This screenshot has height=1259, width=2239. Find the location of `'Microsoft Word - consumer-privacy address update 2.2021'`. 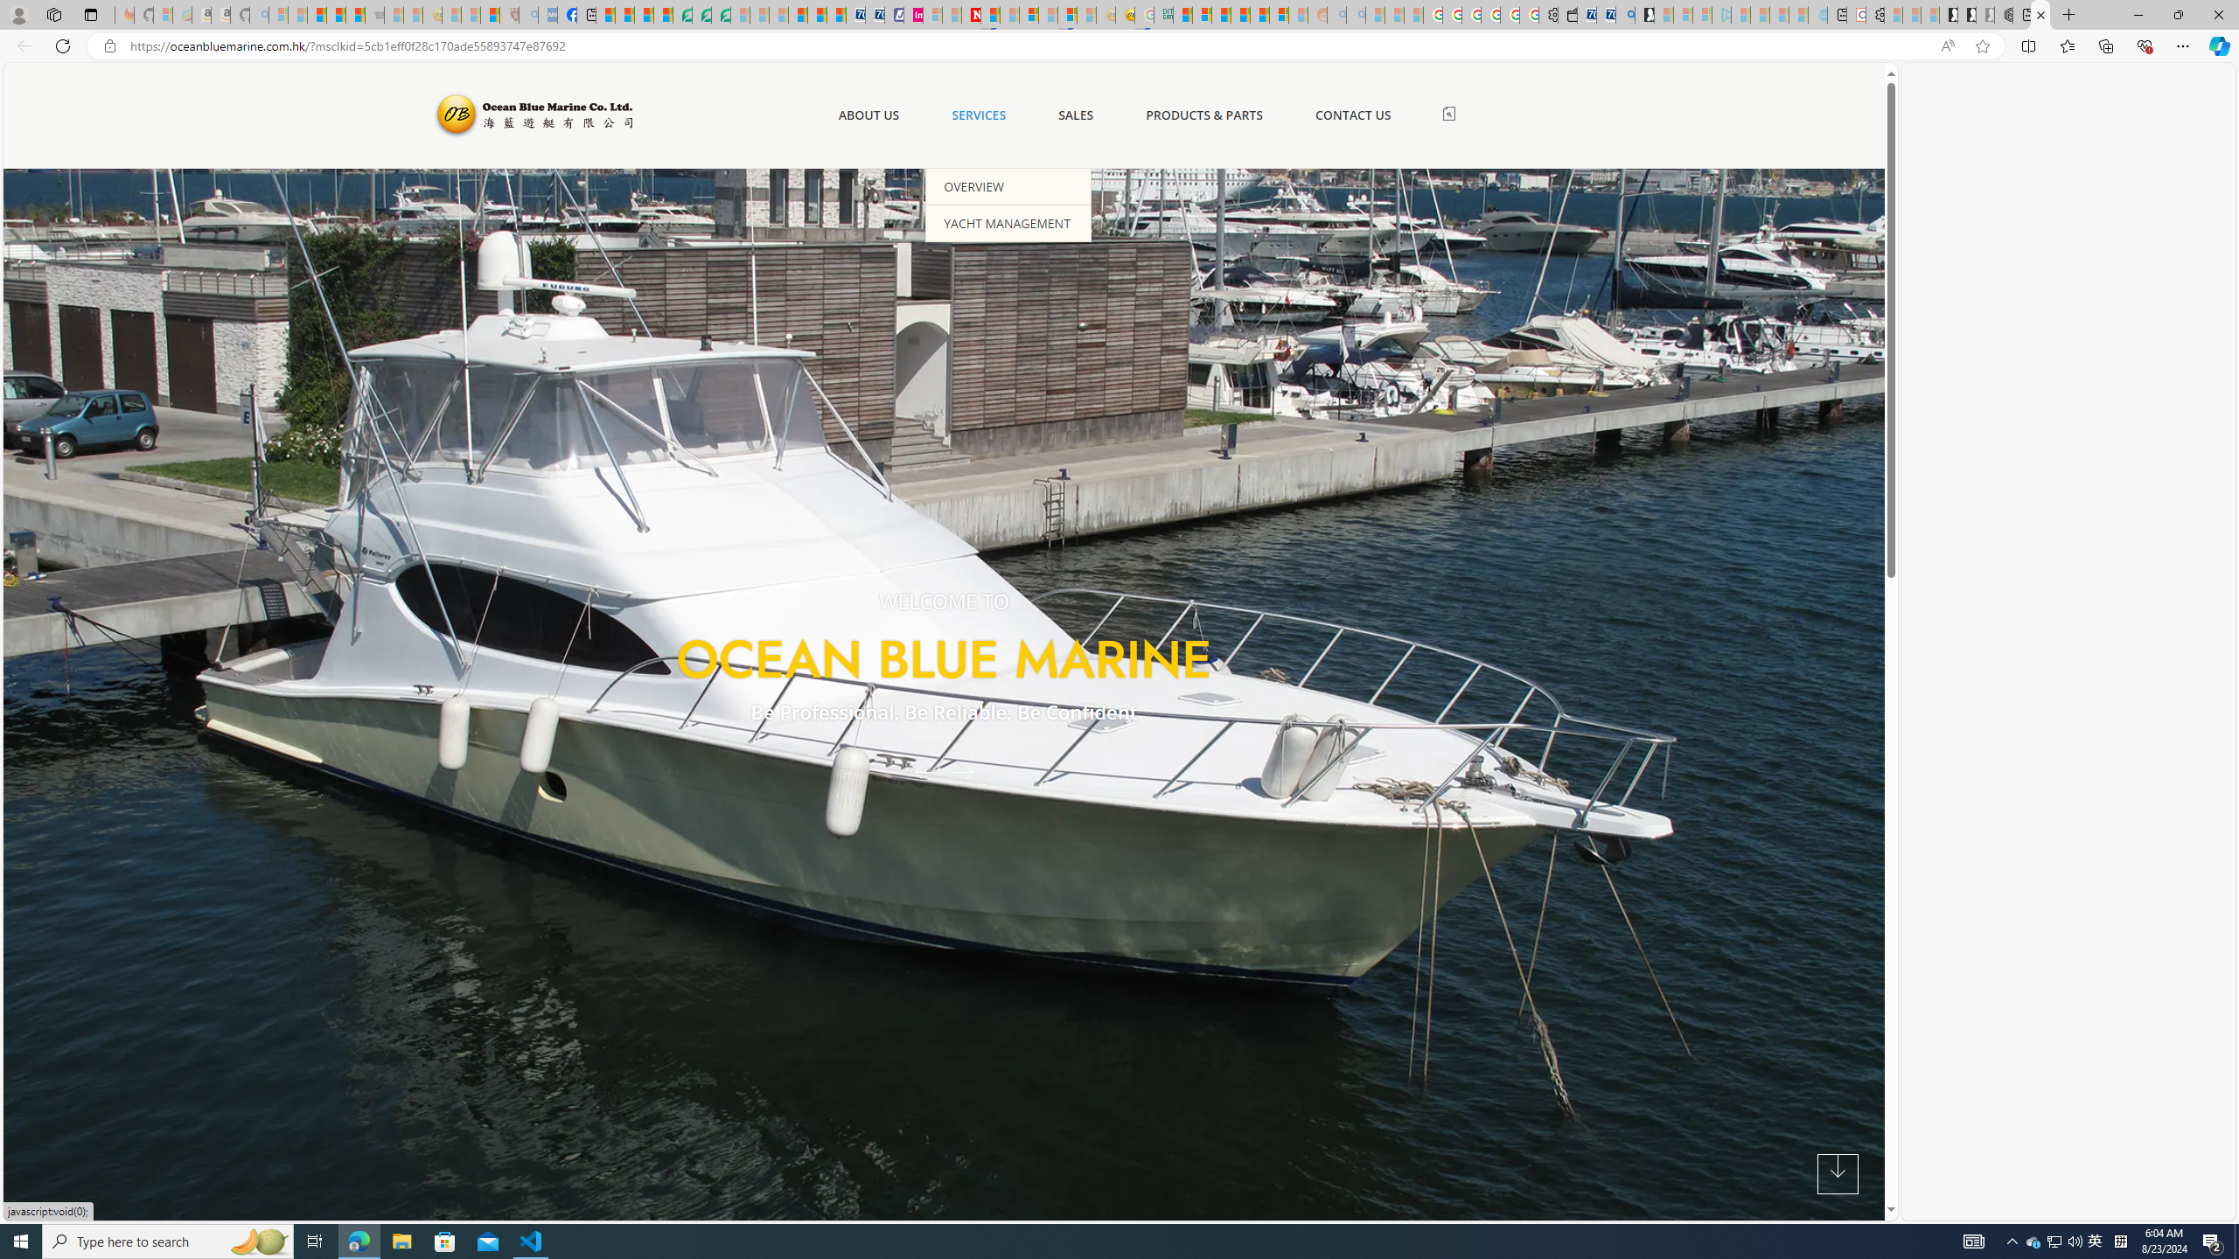

'Microsoft Word - consumer-privacy address update 2.2021' is located at coordinates (720, 14).